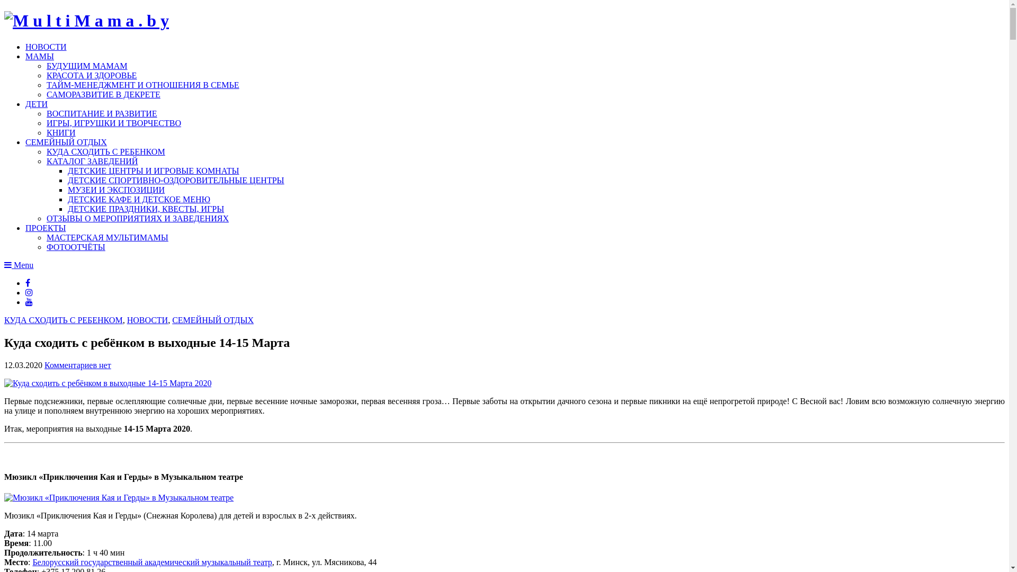 The image size is (1017, 572). Describe the element at coordinates (19, 264) in the screenshot. I see `'Menu'` at that location.